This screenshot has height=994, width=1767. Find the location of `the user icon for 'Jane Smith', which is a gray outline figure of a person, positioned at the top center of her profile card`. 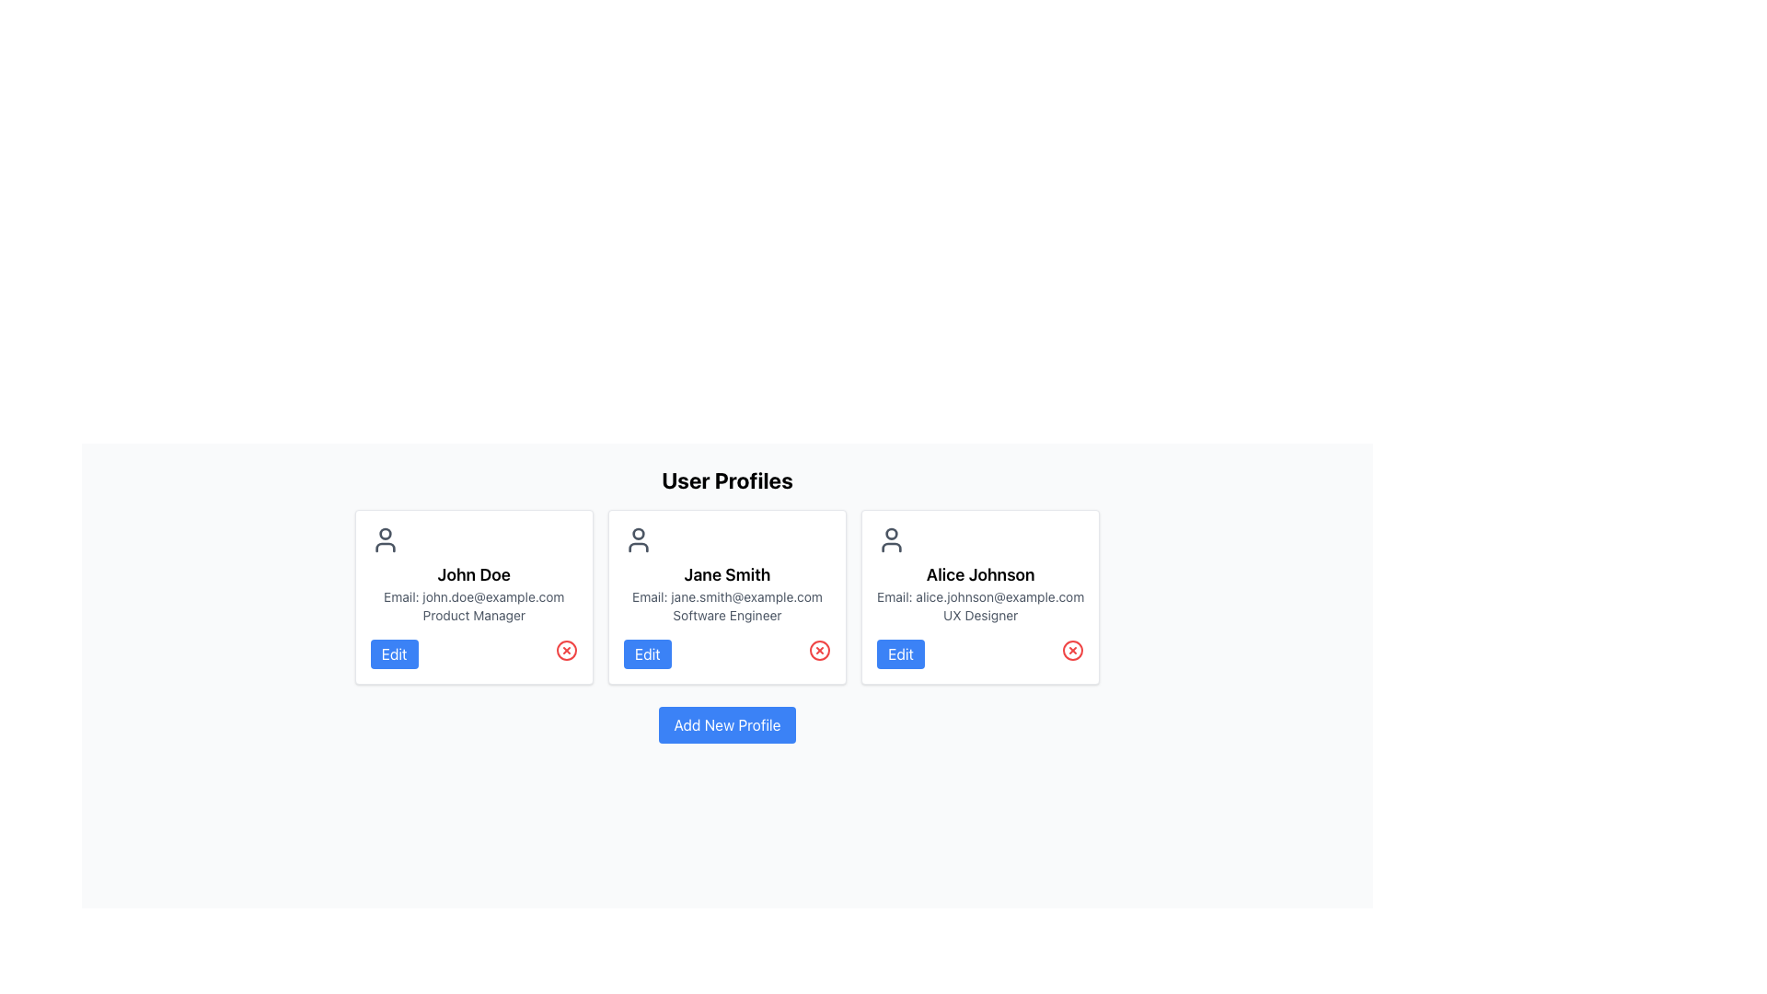

the user icon for 'Jane Smith', which is a gray outline figure of a person, positioned at the top center of her profile card is located at coordinates (638, 538).